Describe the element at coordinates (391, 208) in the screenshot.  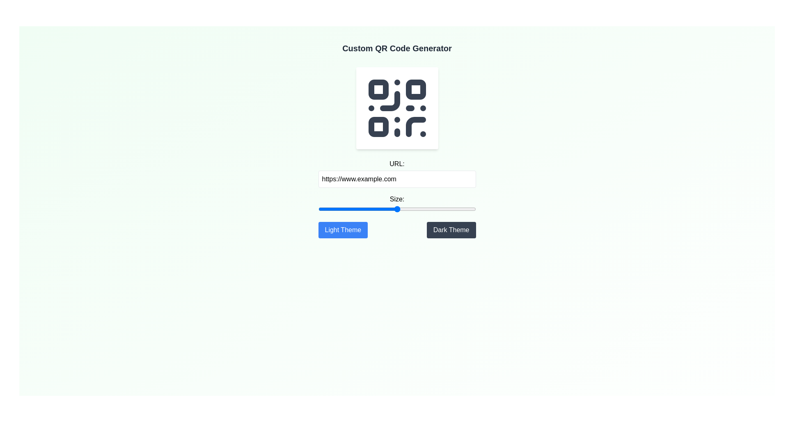
I see `the slider value` at that location.